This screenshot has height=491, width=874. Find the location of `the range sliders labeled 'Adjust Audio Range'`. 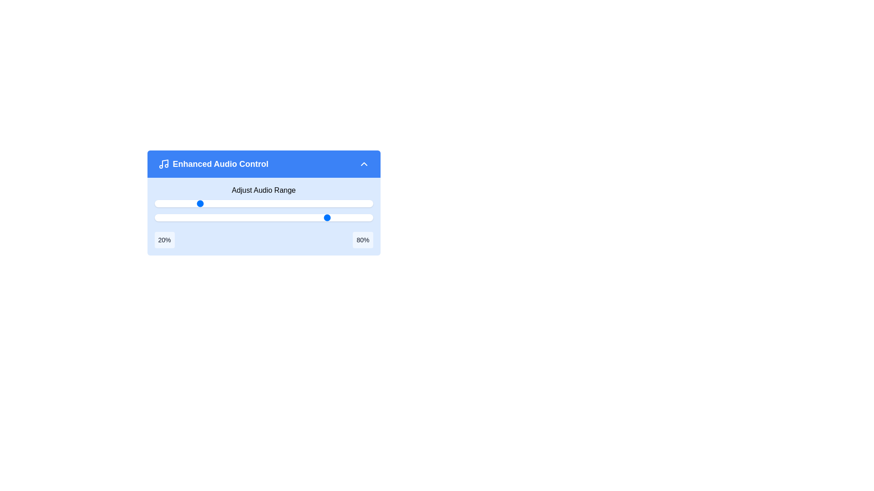

the range sliders labeled 'Adjust Audio Range' is located at coordinates (263, 216).